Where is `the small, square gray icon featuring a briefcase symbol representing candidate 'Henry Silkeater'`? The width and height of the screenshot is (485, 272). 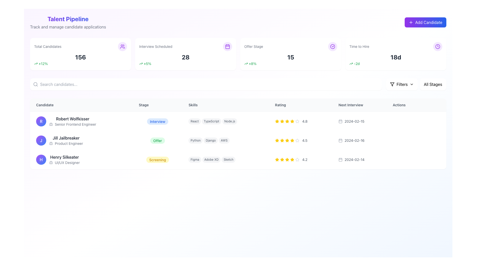 the small, square gray icon featuring a briefcase symbol representing candidate 'Henry Silkeater' is located at coordinates (51, 162).